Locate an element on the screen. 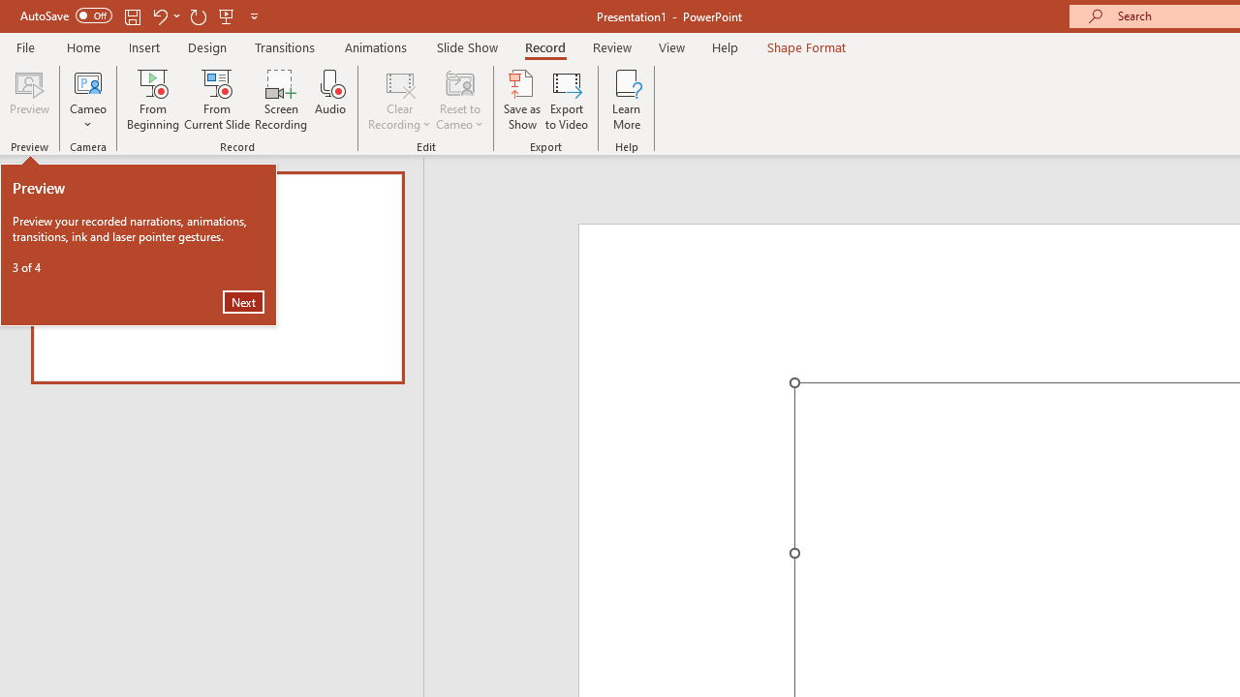 Image resolution: width=1240 pixels, height=697 pixels. 'From Beginning...' is located at coordinates (152, 100).